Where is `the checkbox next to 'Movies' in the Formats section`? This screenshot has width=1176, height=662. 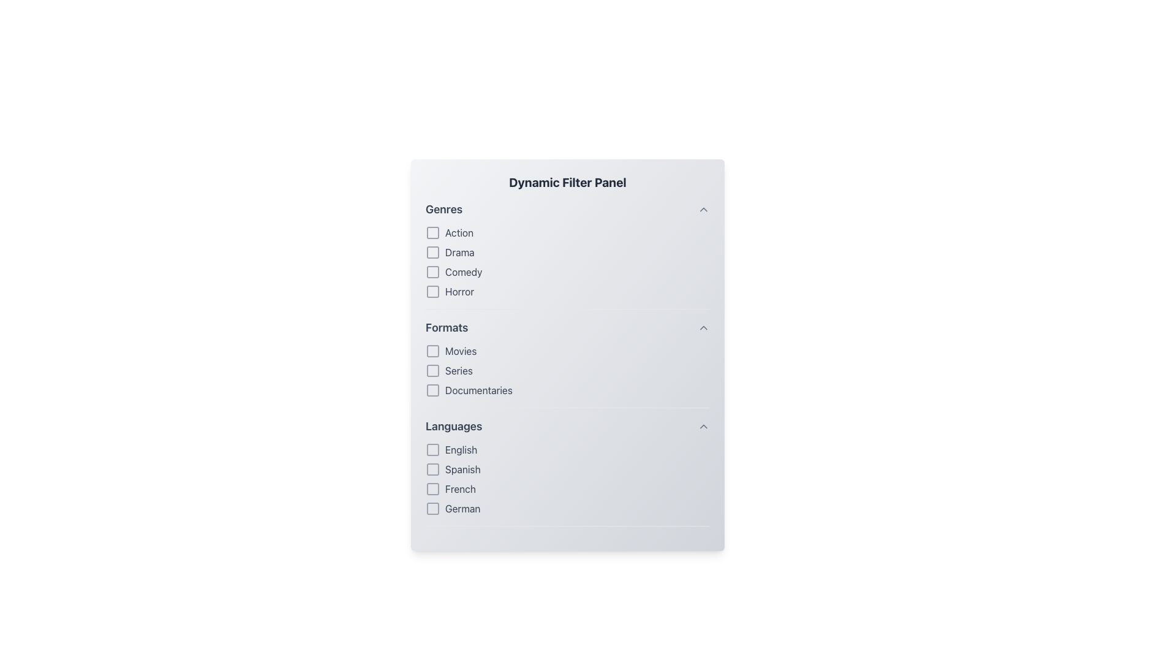
the checkbox next to 'Movies' in the Formats section is located at coordinates (567, 370).